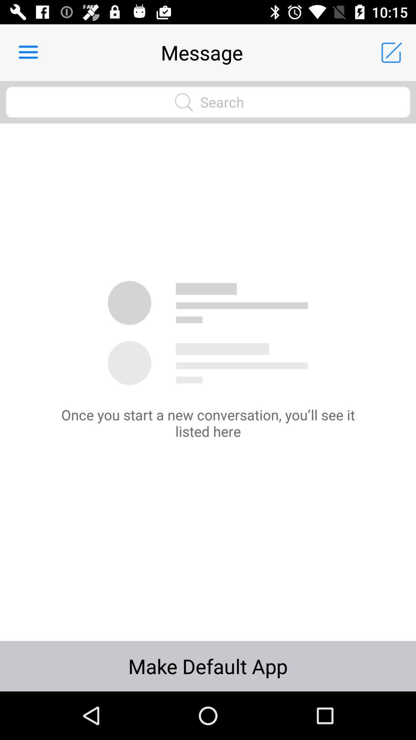 This screenshot has width=416, height=740. What do you see at coordinates (28, 52) in the screenshot?
I see `icon at the top left corner` at bounding box center [28, 52].